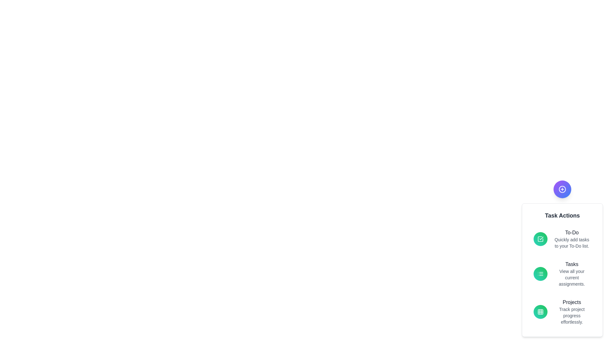 Image resolution: width=608 pixels, height=342 pixels. What do you see at coordinates (572, 302) in the screenshot?
I see `the action Projects from the Task Actions menu` at bounding box center [572, 302].